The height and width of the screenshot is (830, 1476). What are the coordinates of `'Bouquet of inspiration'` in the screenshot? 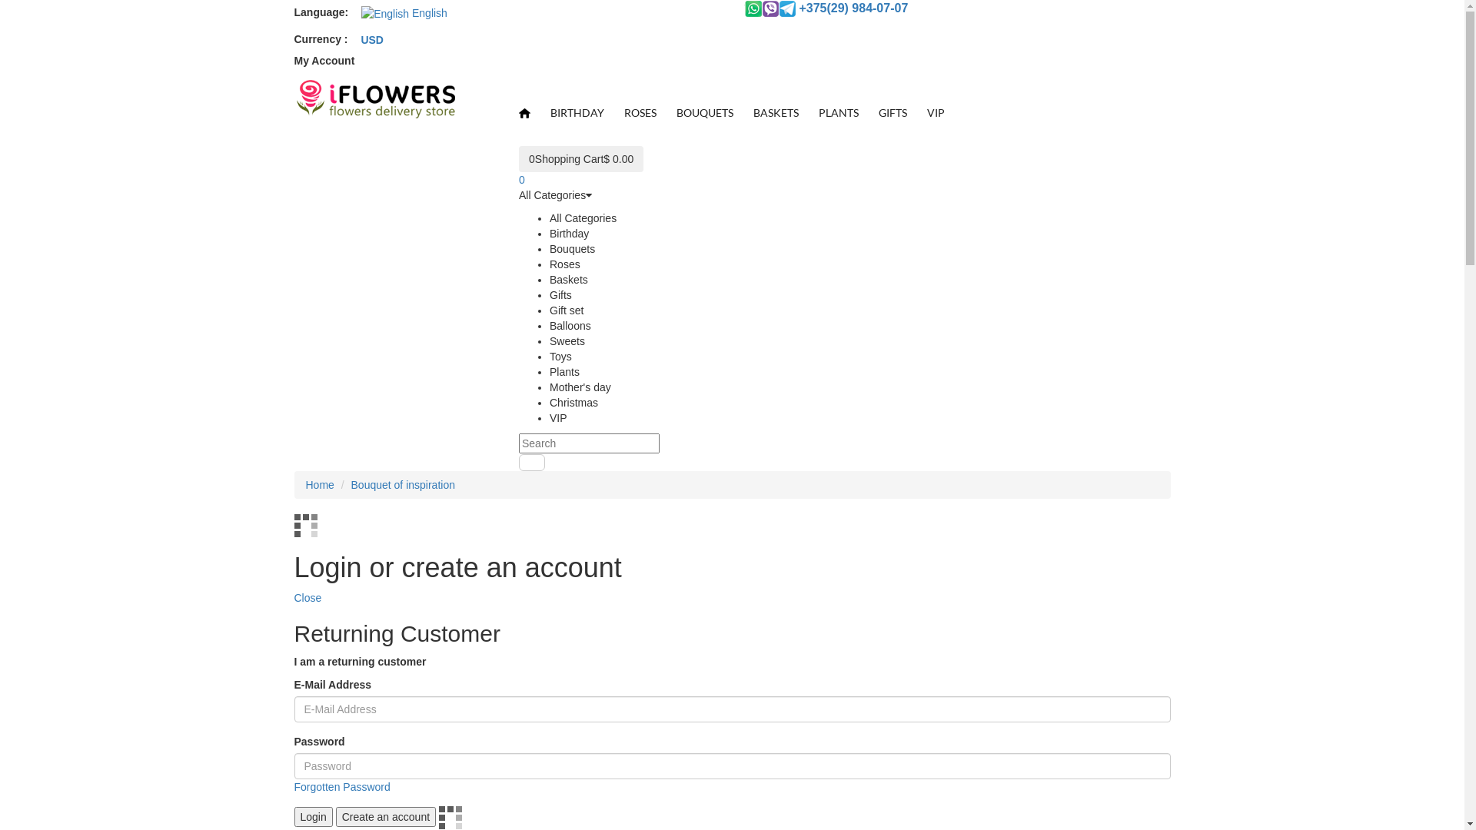 It's located at (403, 485).